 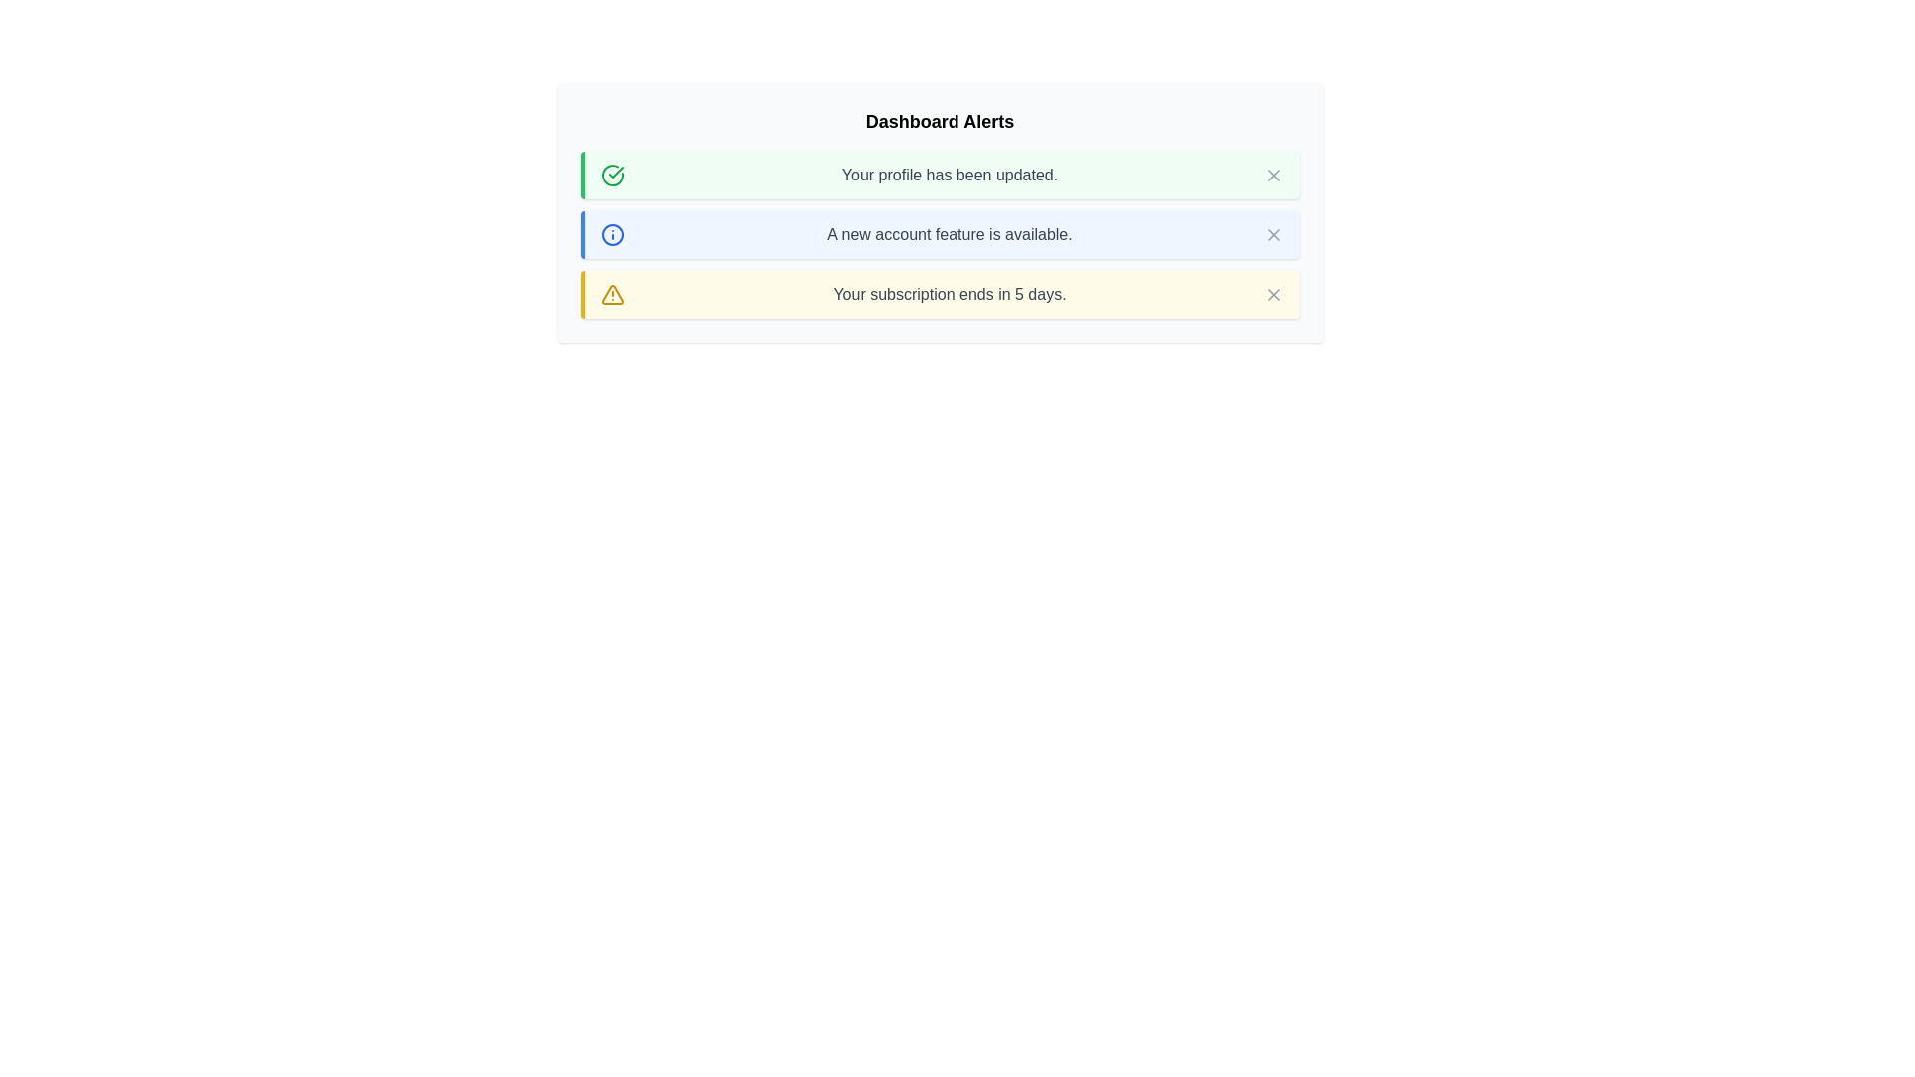 What do you see at coordinates (611, 175) in the screenshot?
I see `the green checkmark icon that indicates the successful update of the user profile, located in the topmost alert box next to the notification text 'Your profile has been updated.'` at bounding box center [611, 175].